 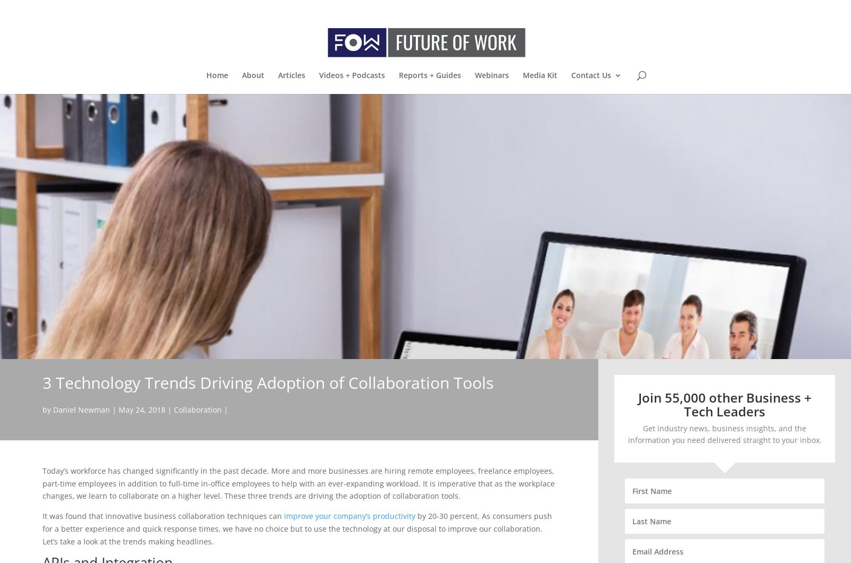 What do you see at coordinates (599, 137) in the screenshot?
I see `'Jobs'` at bounding box center [599, 137].